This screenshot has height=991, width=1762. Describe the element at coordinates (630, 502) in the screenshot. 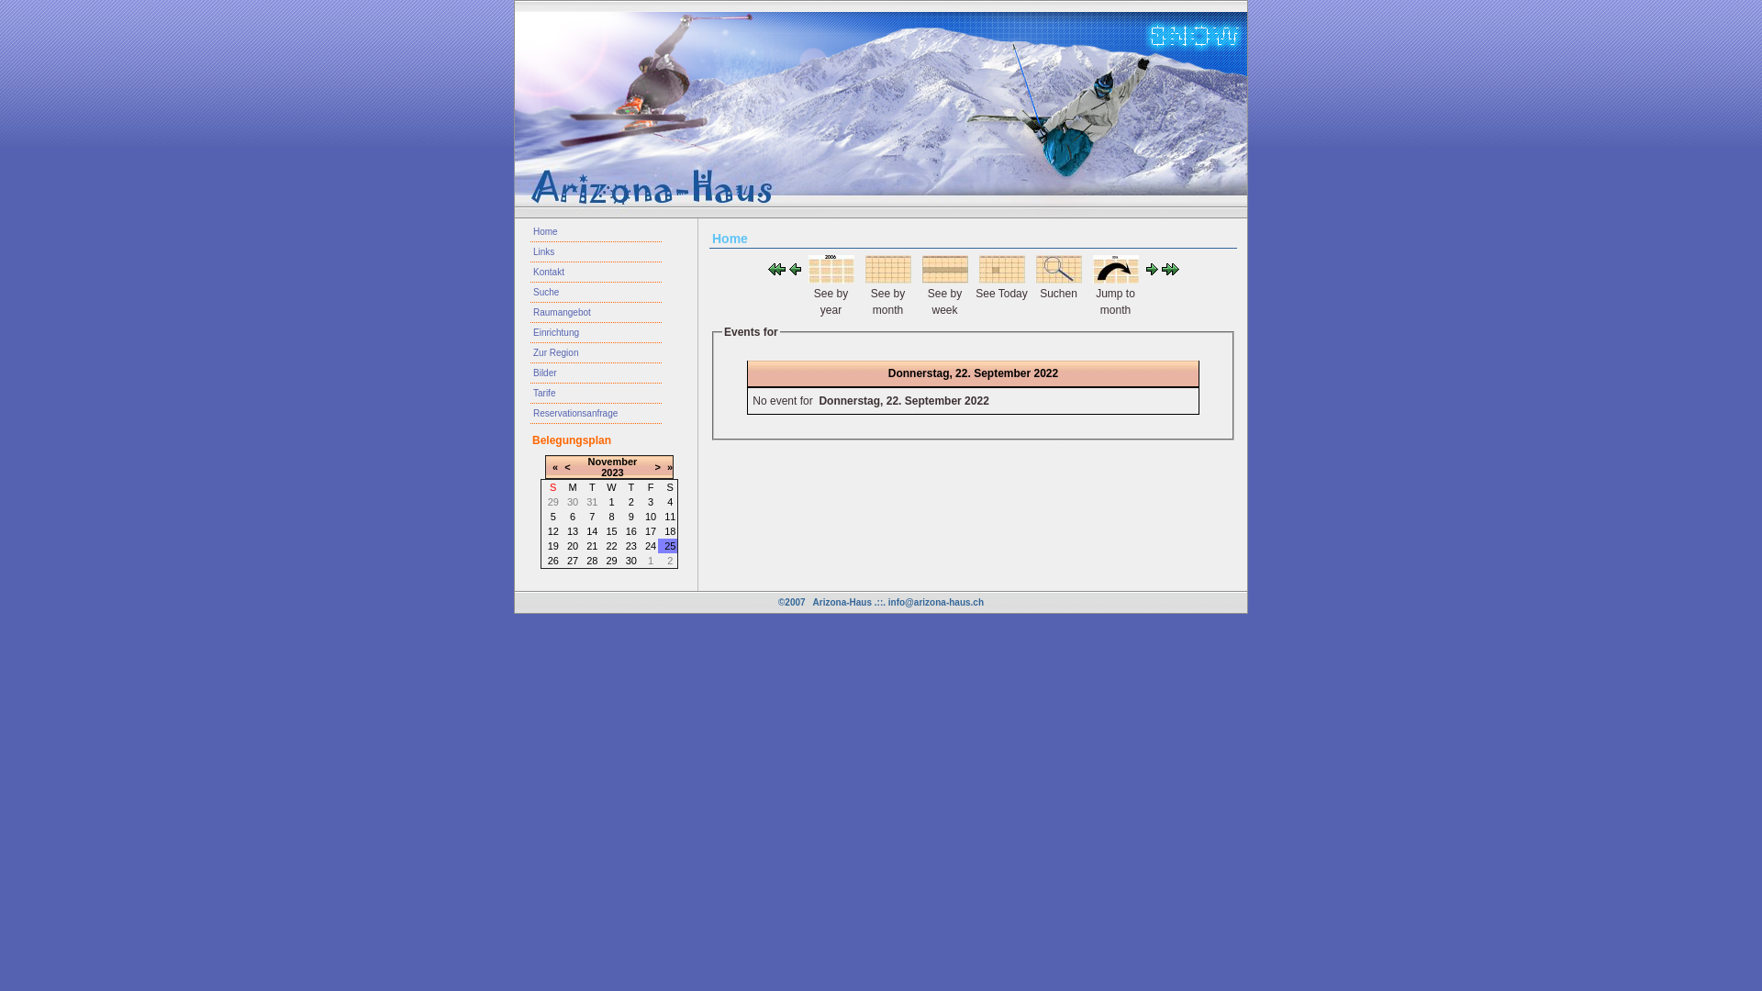

I see `'2'` at that location.